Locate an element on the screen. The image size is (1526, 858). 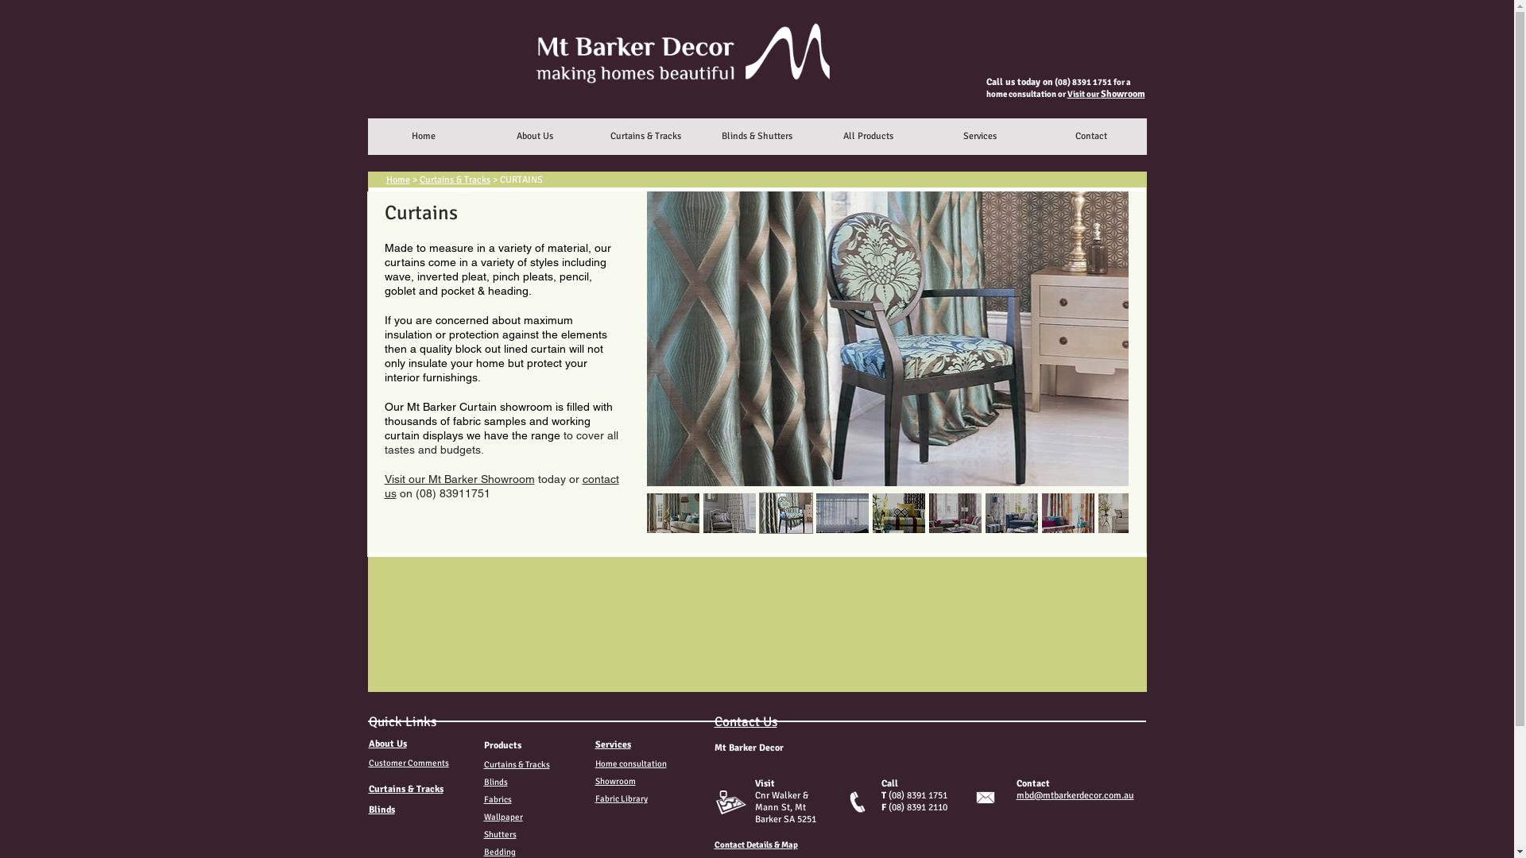
'Blinds' is located at coordinates (381, 810).